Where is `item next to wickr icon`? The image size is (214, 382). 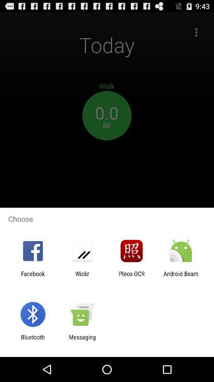 item next to wickr icon is located at coordinates (132, 277).